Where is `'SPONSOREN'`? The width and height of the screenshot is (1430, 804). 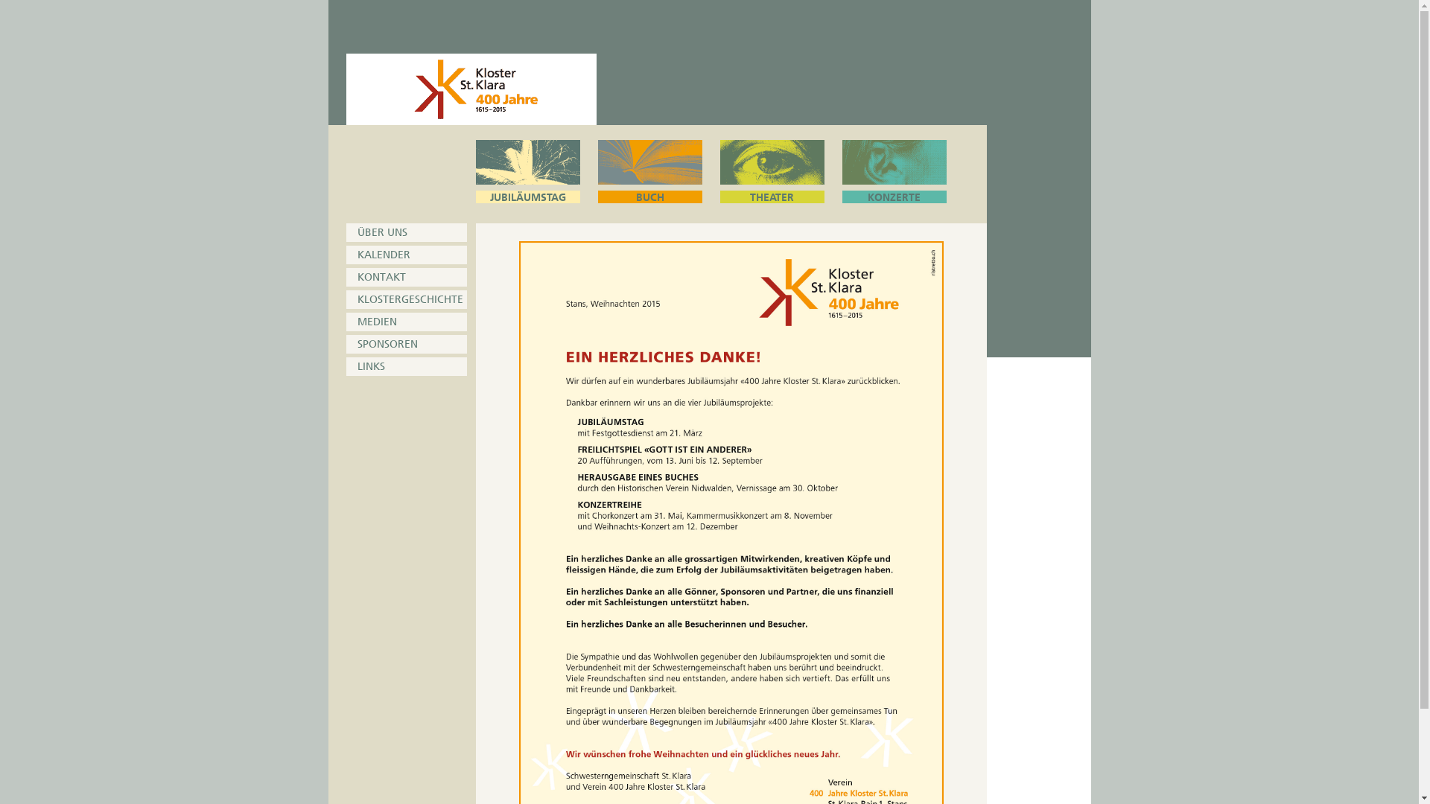 'SPONSOREN' is located at coordinates (406, 344).